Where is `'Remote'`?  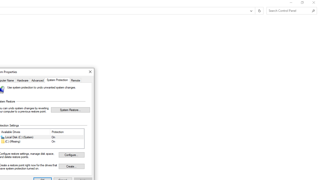 'Remote' is located at coordinates (75, 80).